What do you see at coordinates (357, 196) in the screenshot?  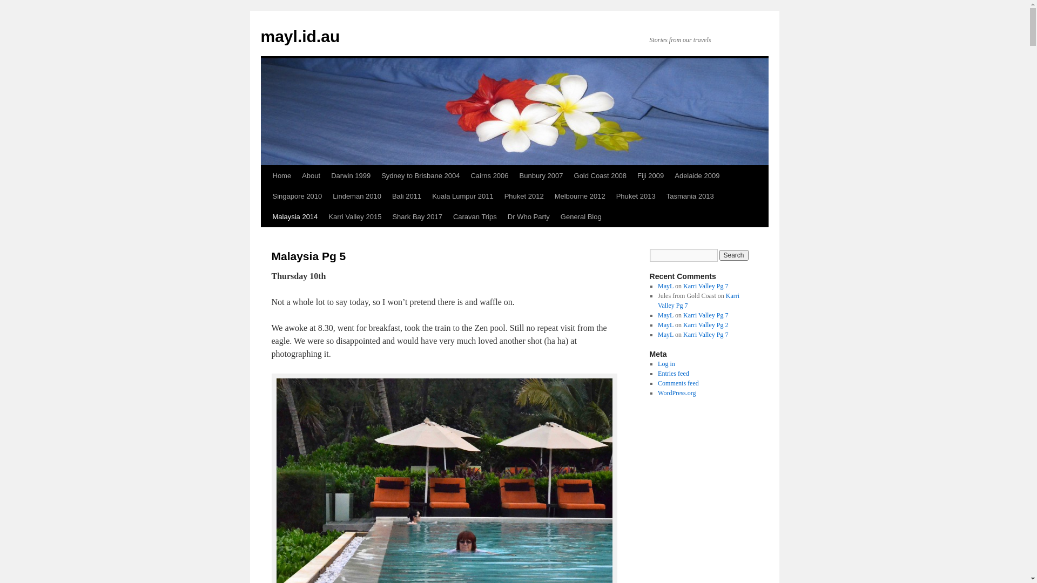 I see `'Lindeman 2010'` at bounding box center [357, 196].